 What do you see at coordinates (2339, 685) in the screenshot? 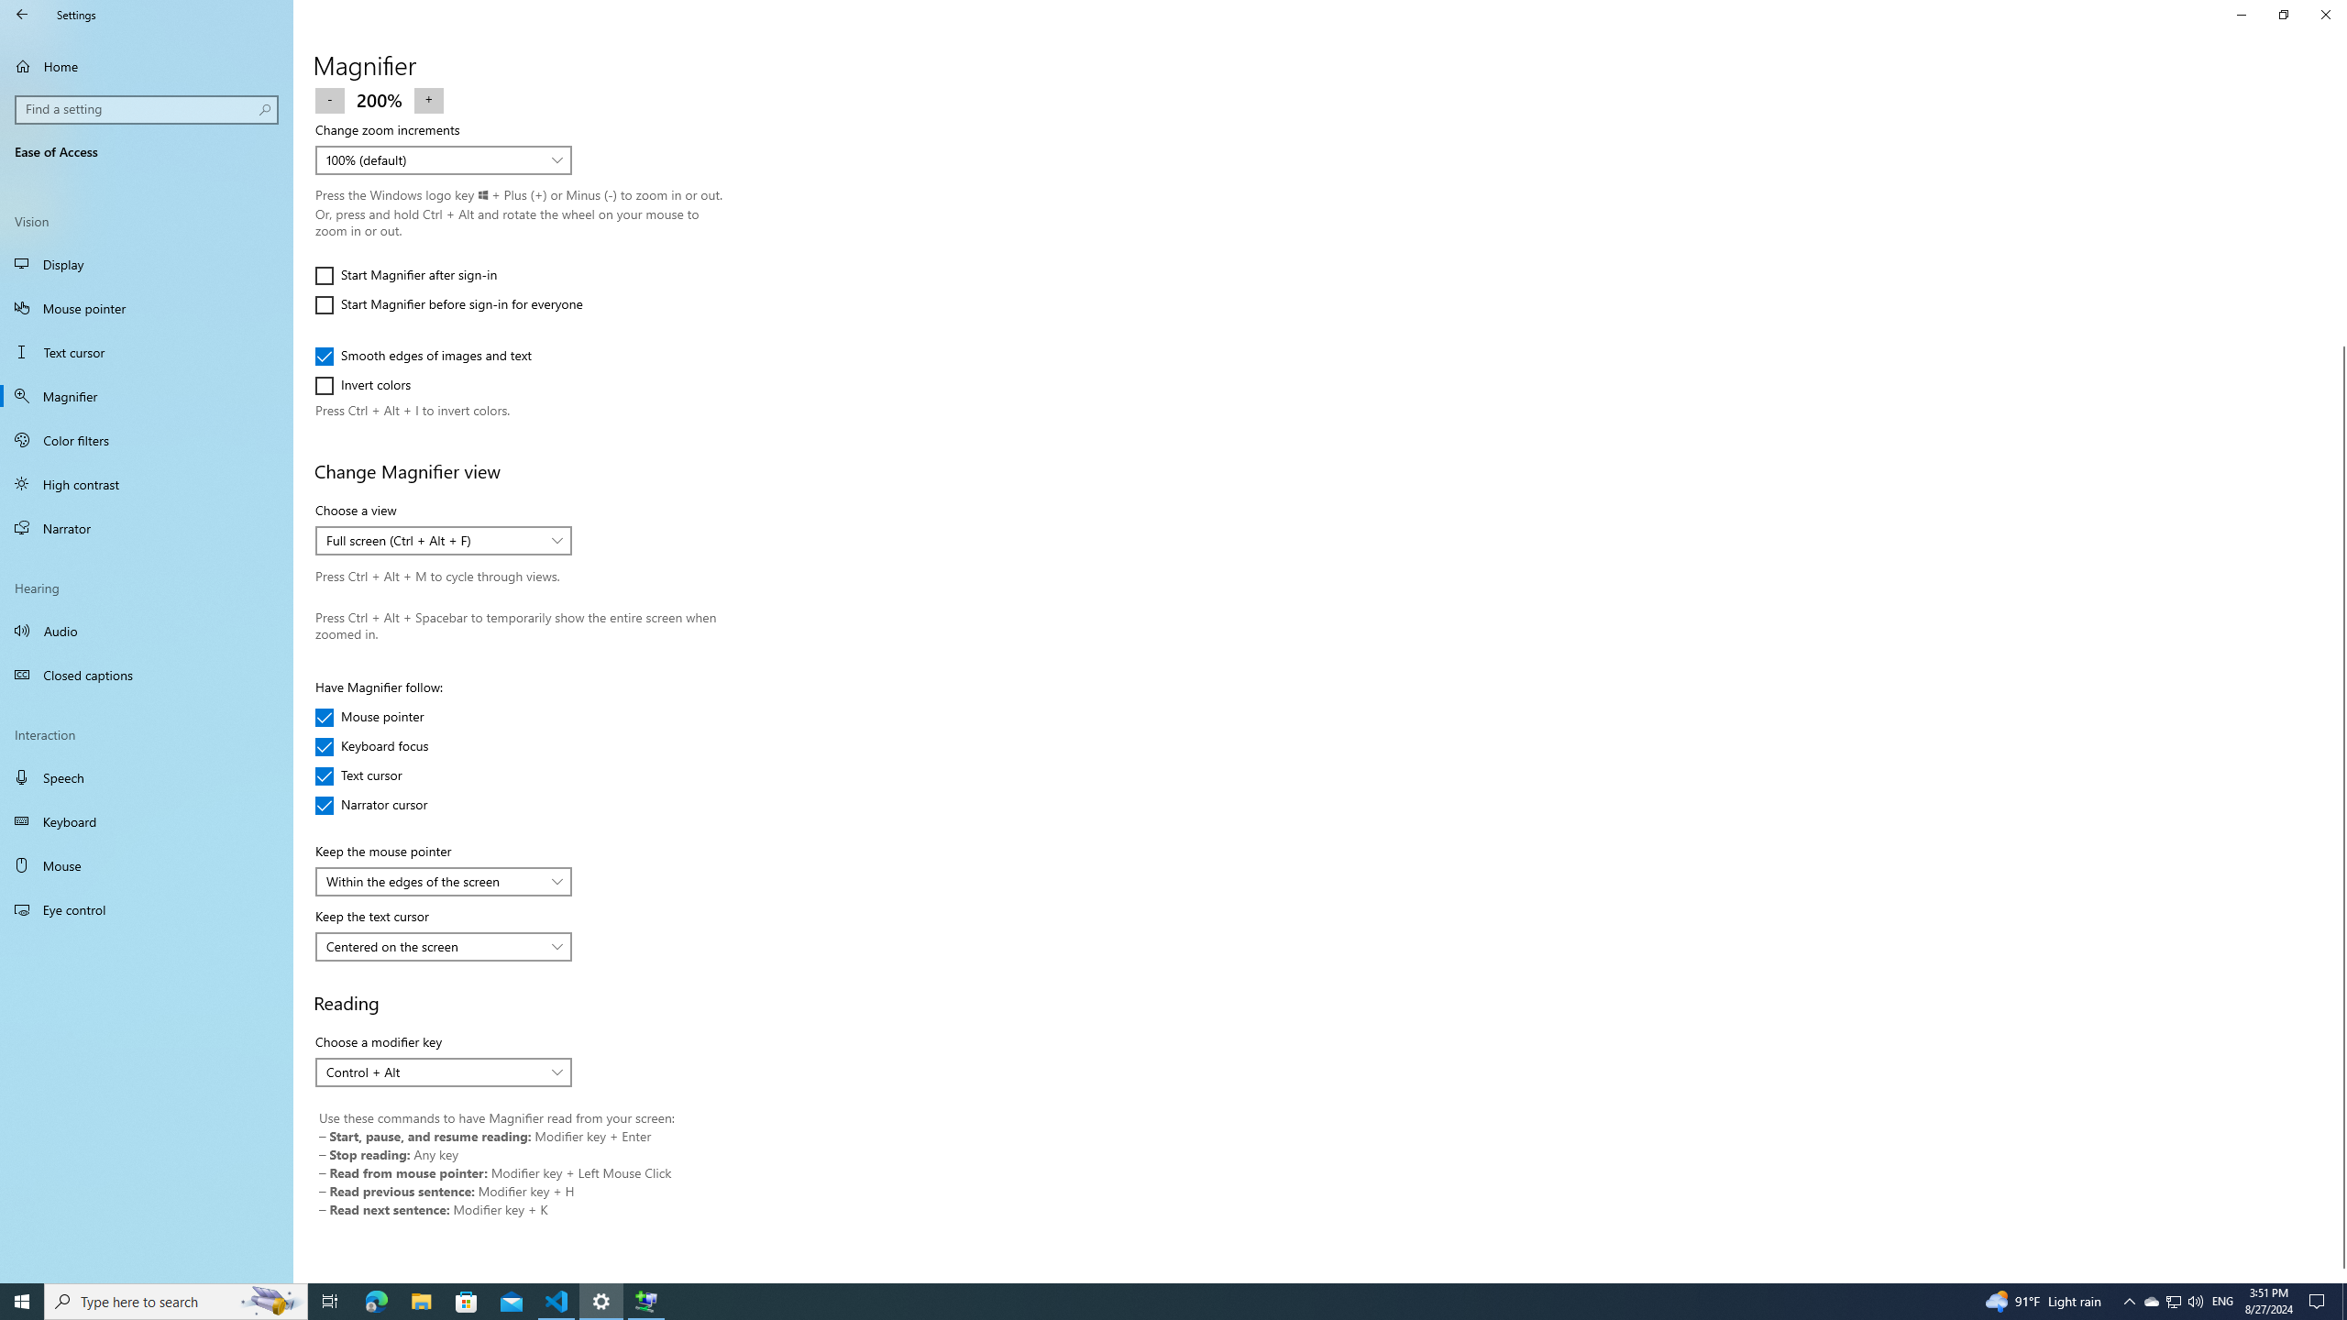
I see `'Vertical'` at bounding box center [2339, 685].